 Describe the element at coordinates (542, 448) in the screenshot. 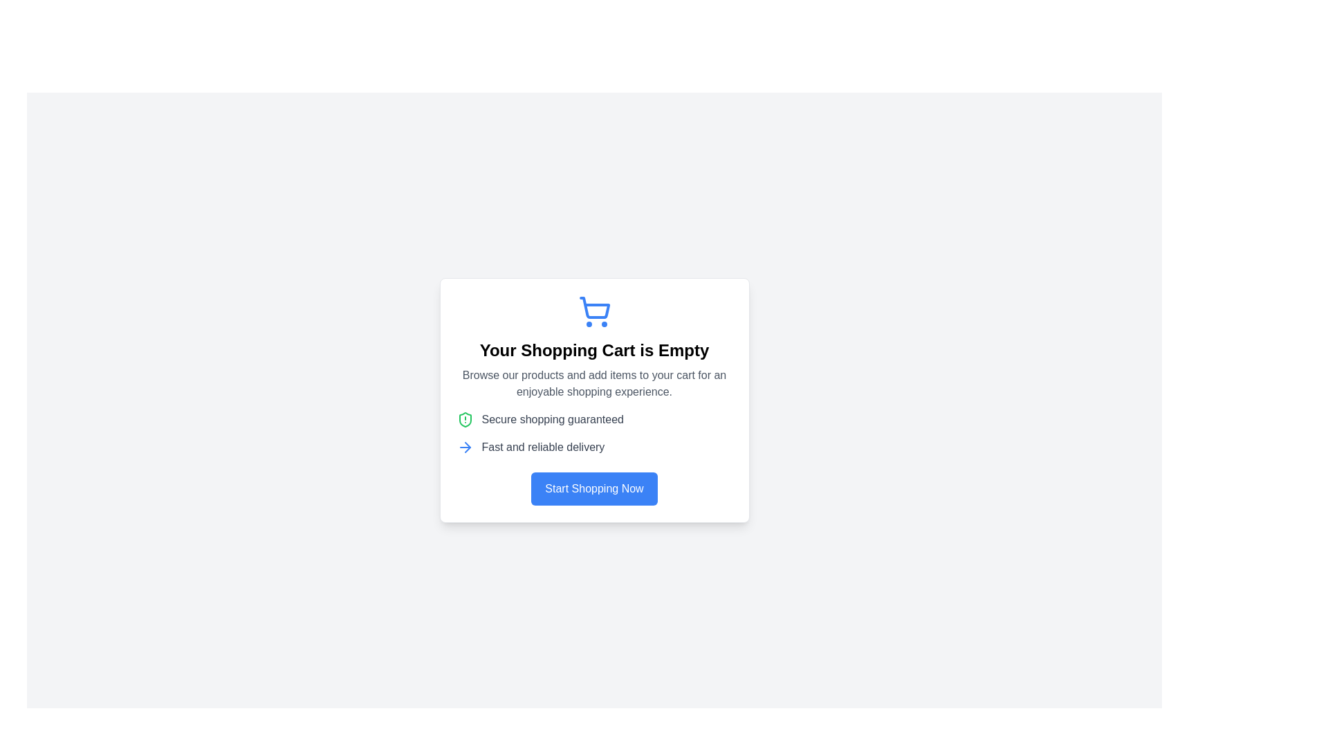

I see `the Static Text element that reads 'Fast and reliable delivery', which is styled in gray and located to the right of a blue arrow icon` at that location.